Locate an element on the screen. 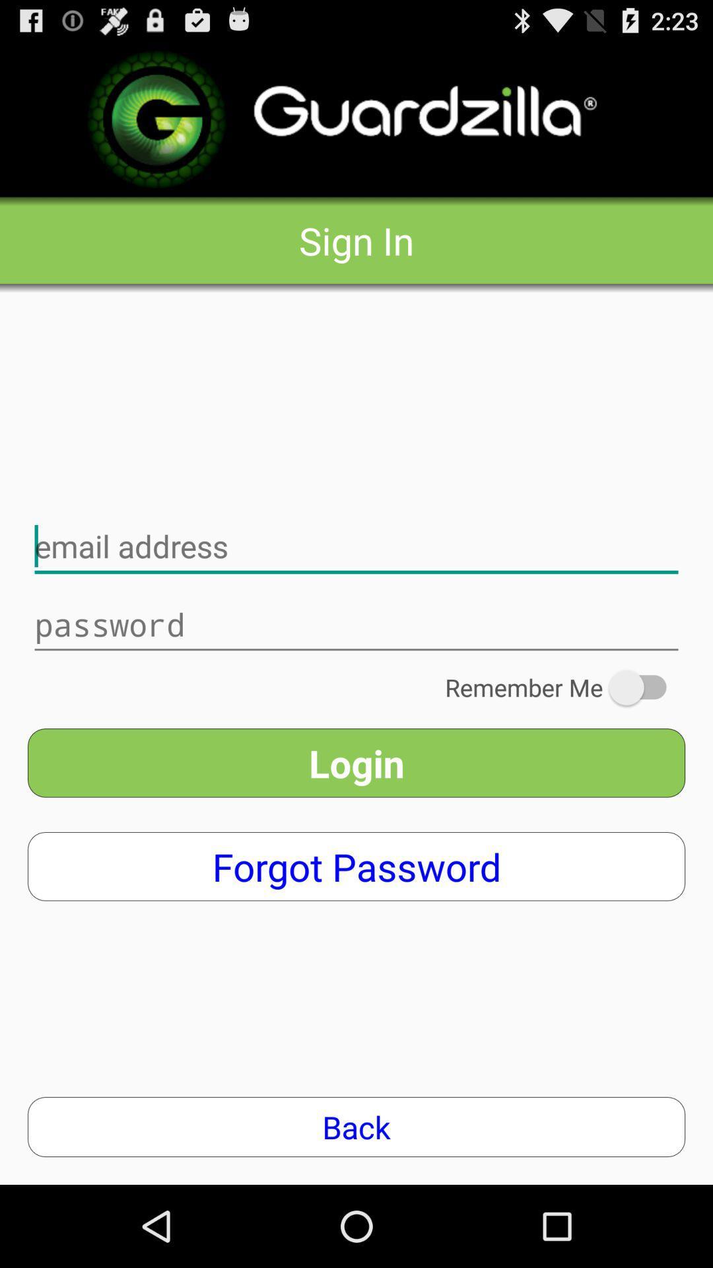 The width and height of the screenshot is (713, 1268). the item below remember me icon is located at coordinates (356, 763).